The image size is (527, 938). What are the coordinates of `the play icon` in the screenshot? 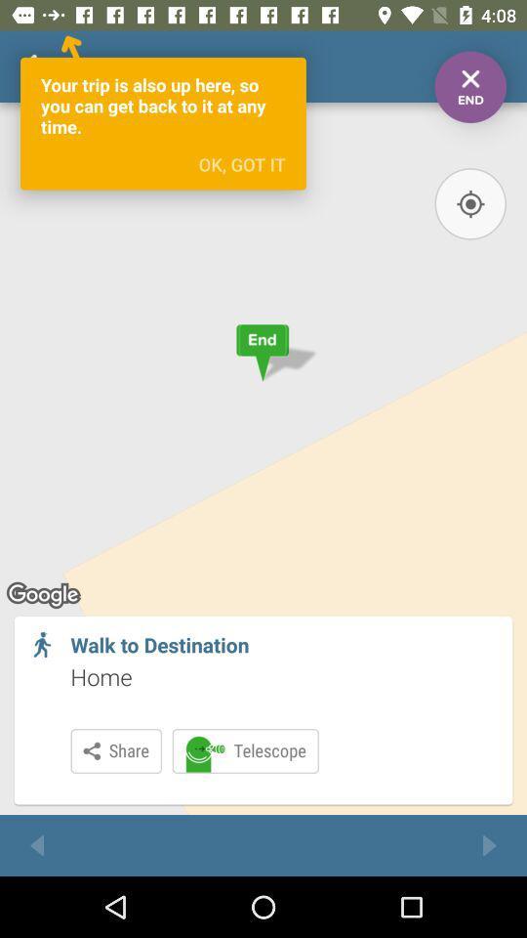 It's located at (488, 844).